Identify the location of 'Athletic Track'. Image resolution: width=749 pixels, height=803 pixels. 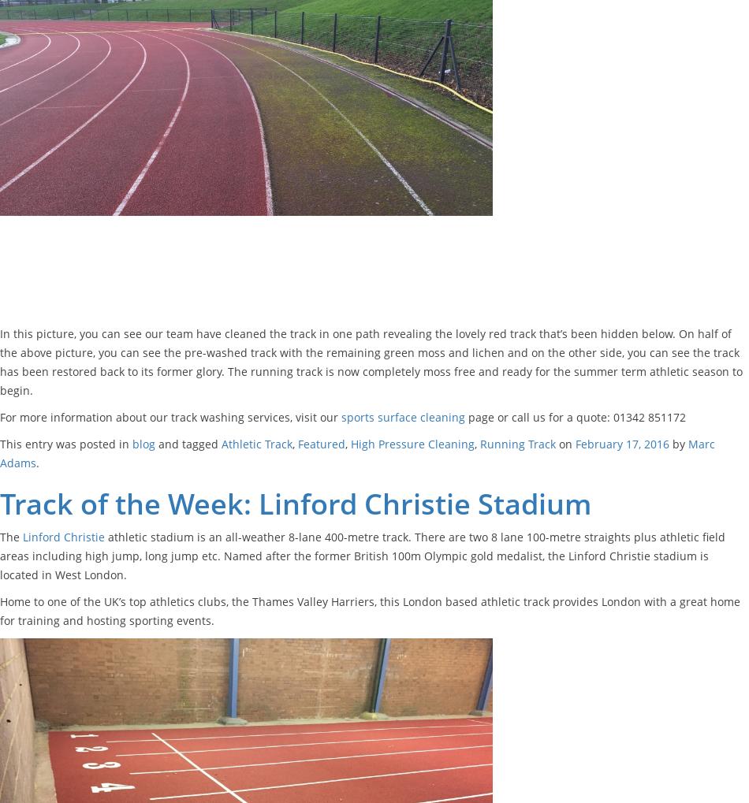
(256, 442).